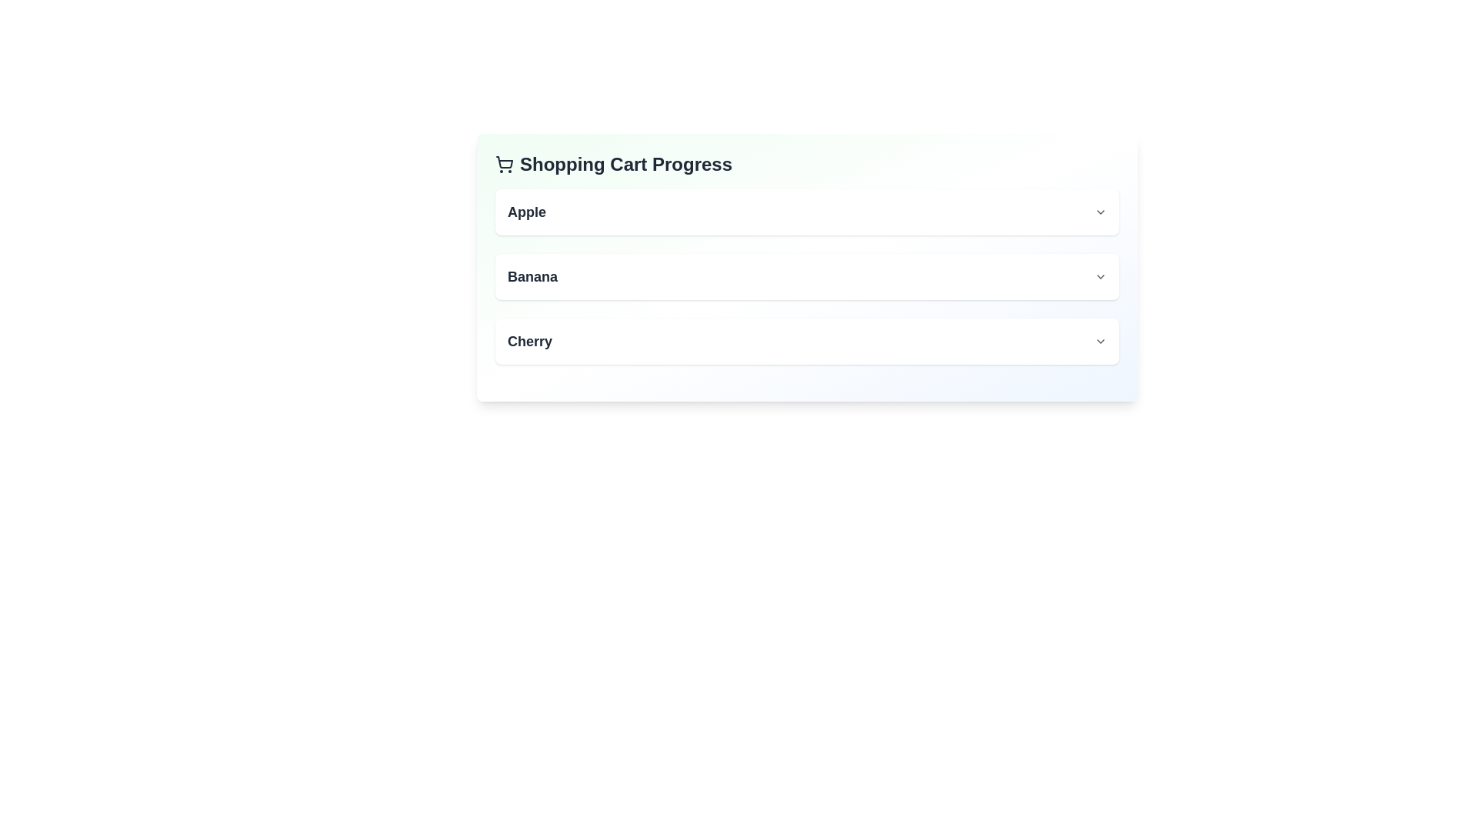 The width and height of the screenshot is (1477, 831). I want to click on the Text Label indicating the shopping cart progress, which is positioned slightly to the right of the shopping cart icon and is part of the header group, so click(626, 164).